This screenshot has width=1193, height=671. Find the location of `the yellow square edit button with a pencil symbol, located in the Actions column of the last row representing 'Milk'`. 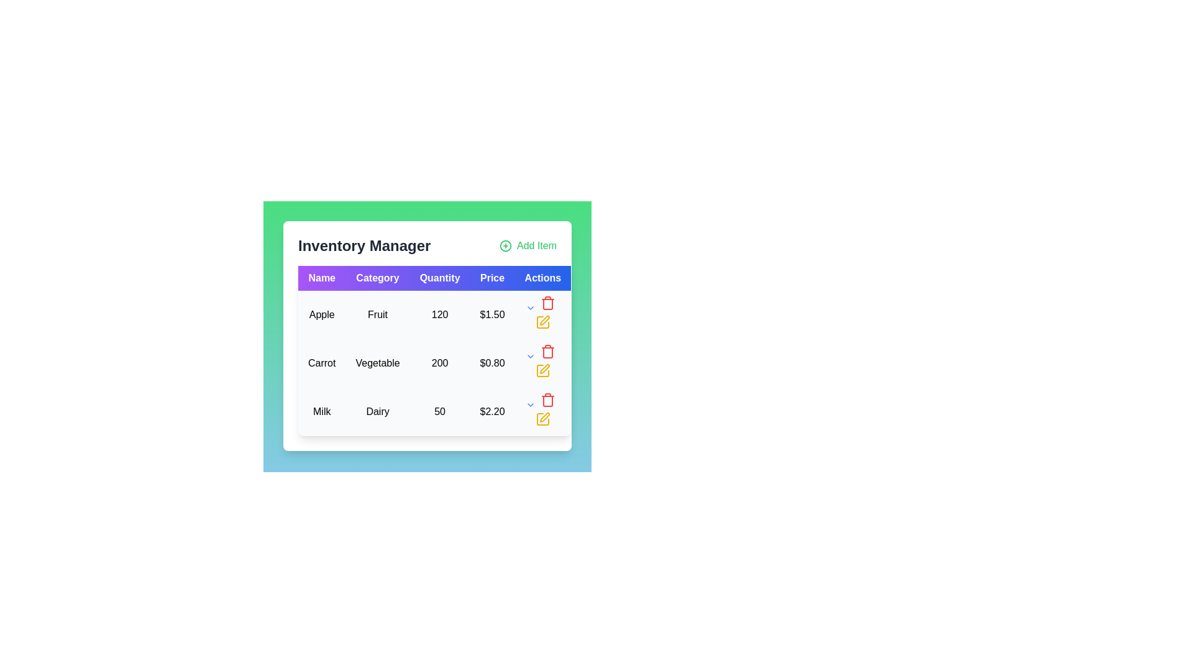

the yellow square edit button with a pencil symbol, located in the Actions column of the last row representing 'Milk' is located at coordinates (542, 419).